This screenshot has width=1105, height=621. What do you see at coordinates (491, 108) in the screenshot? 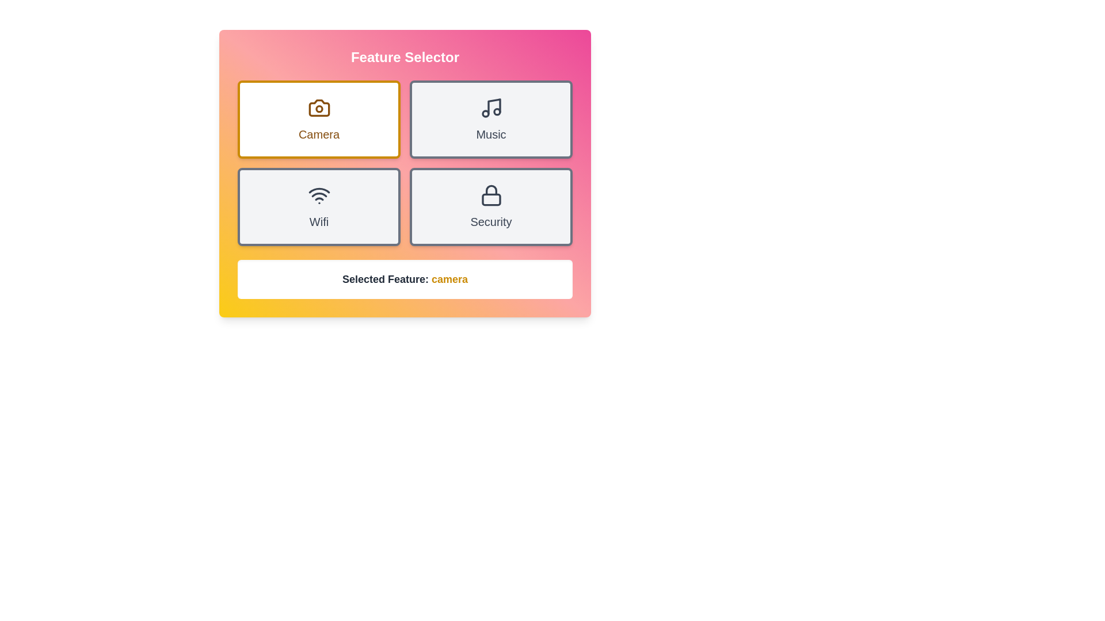
I see `the music note icon located in the top-right card of the 2x2 grid layout, which is part of the 'Music' card and positioned centrally above the text label 'Music'` at bounding box center [491, 108].